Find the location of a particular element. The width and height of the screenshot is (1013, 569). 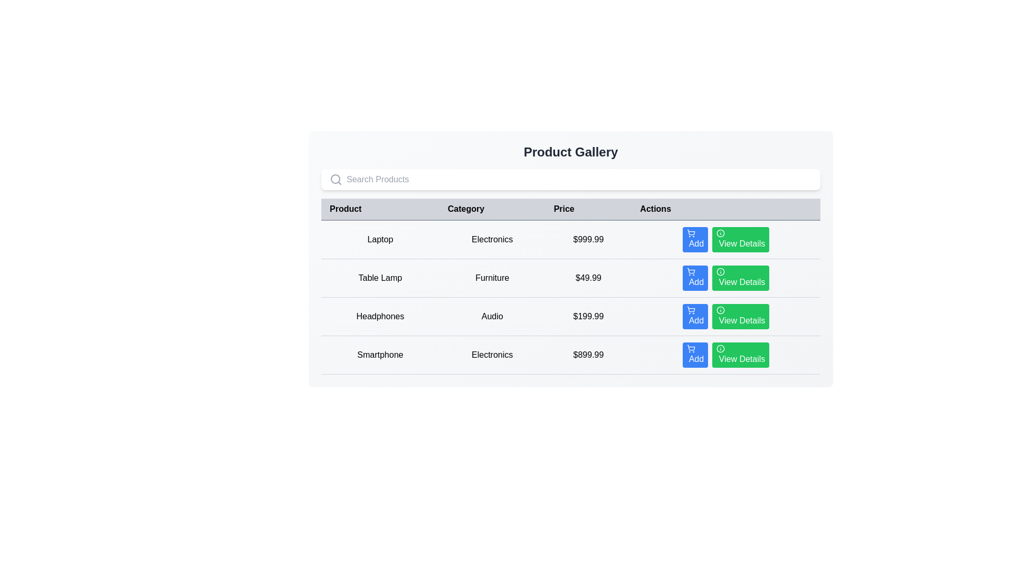

the first button in the 'Actions' column of the product table is located at coordinates (695, 240).